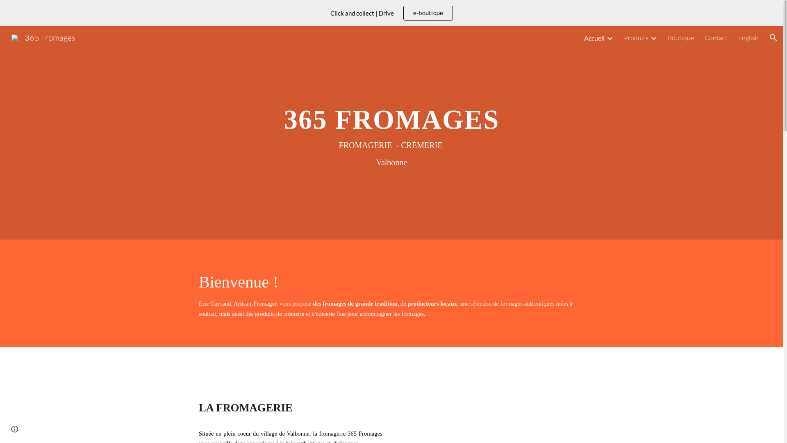 The width and height of the screenshot is (787, 443). Describe the element at coordinates (594, 37) in the screenshot. I see `'Accueil'` at that location.